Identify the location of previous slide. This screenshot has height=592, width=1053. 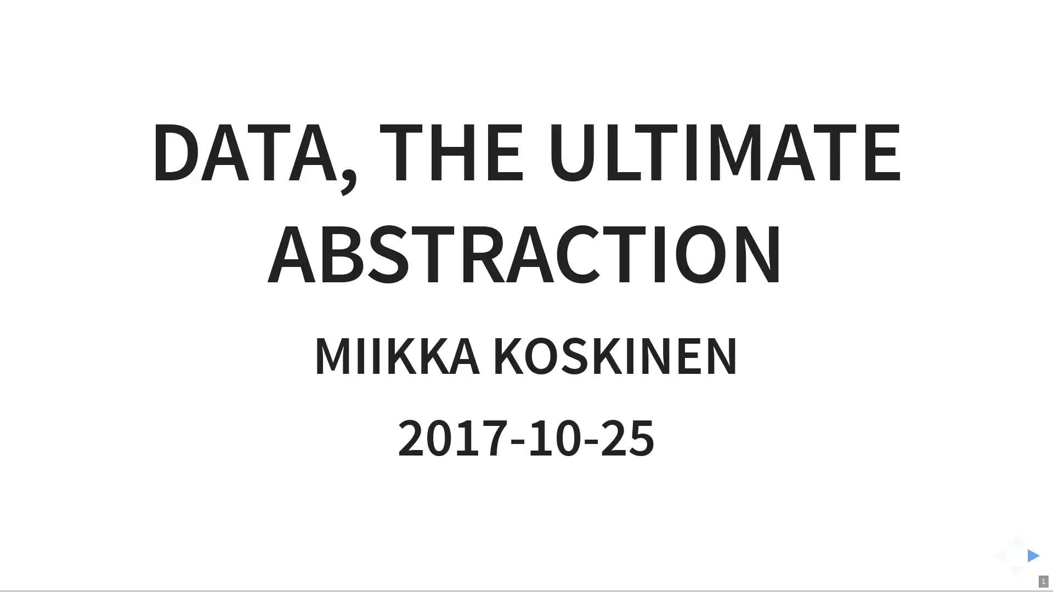
(996, 555).